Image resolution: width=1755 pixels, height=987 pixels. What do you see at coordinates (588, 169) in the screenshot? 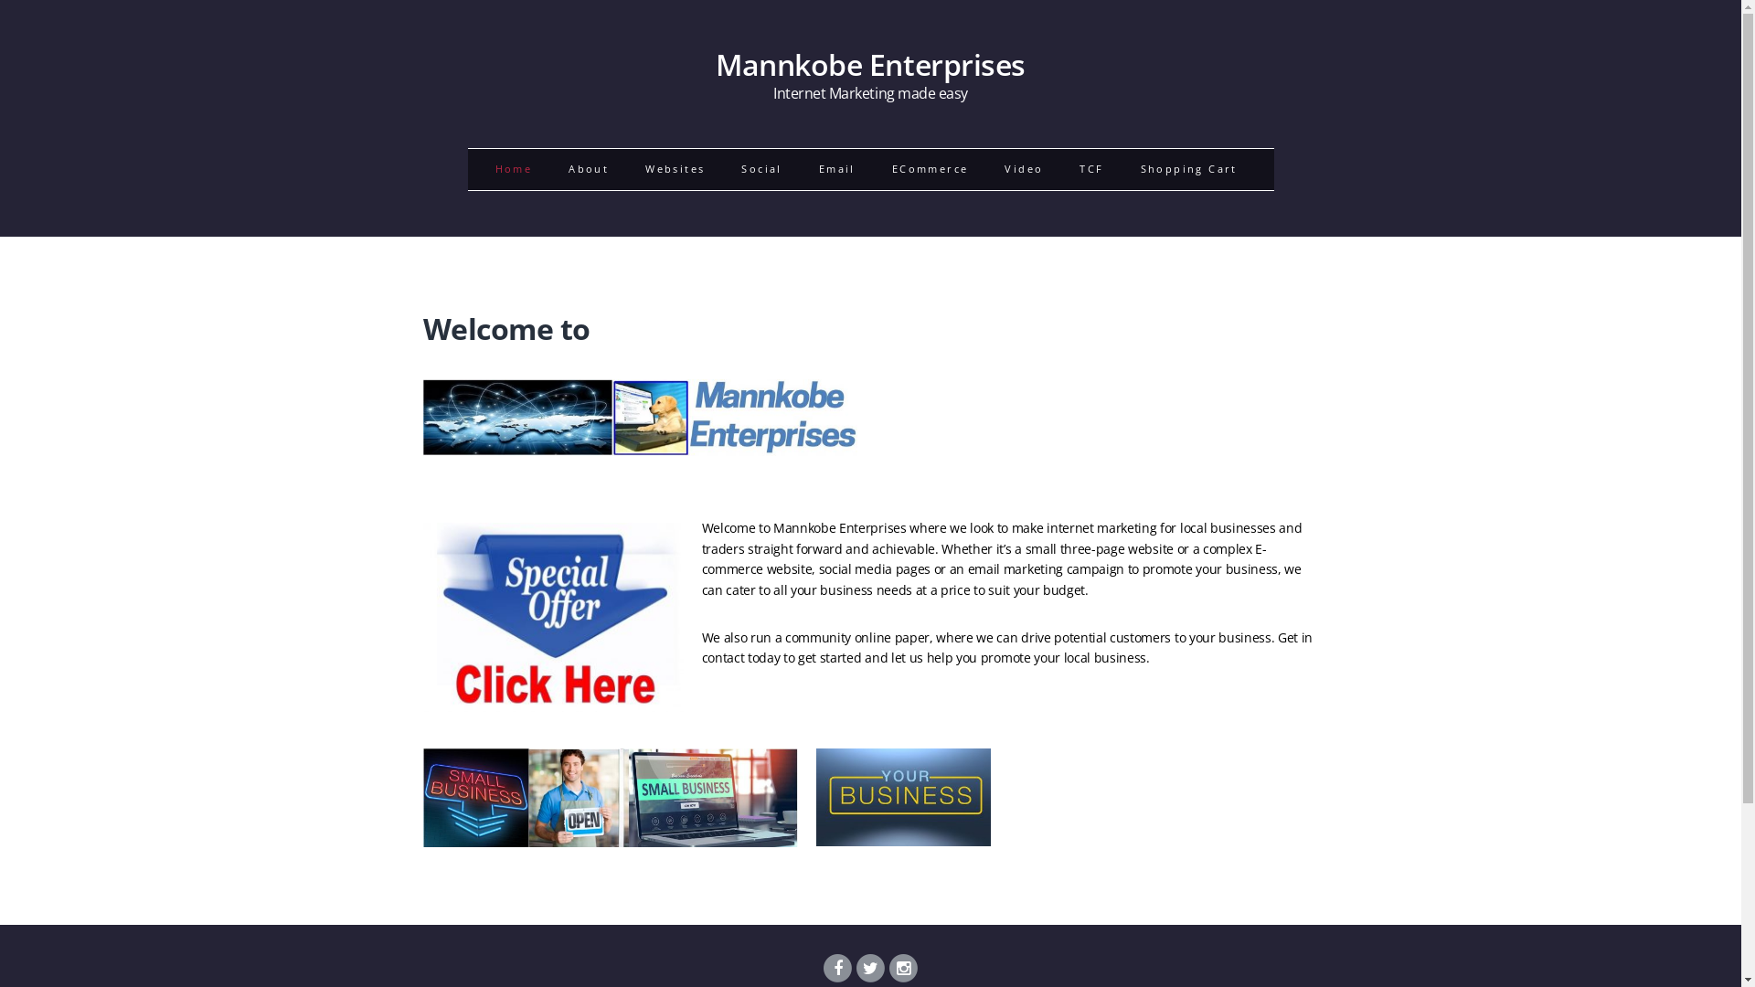
I see `'About'` at bounding box center [588, 169].